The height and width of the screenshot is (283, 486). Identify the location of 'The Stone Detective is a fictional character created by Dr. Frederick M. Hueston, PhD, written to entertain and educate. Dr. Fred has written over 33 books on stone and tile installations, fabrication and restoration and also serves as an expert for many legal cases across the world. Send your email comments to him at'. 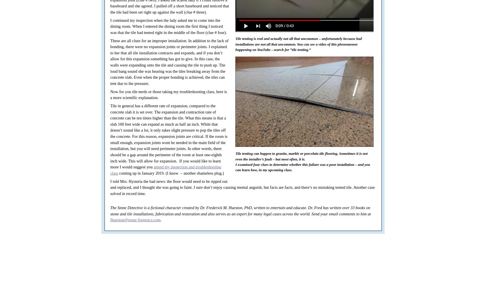
(240, 210).